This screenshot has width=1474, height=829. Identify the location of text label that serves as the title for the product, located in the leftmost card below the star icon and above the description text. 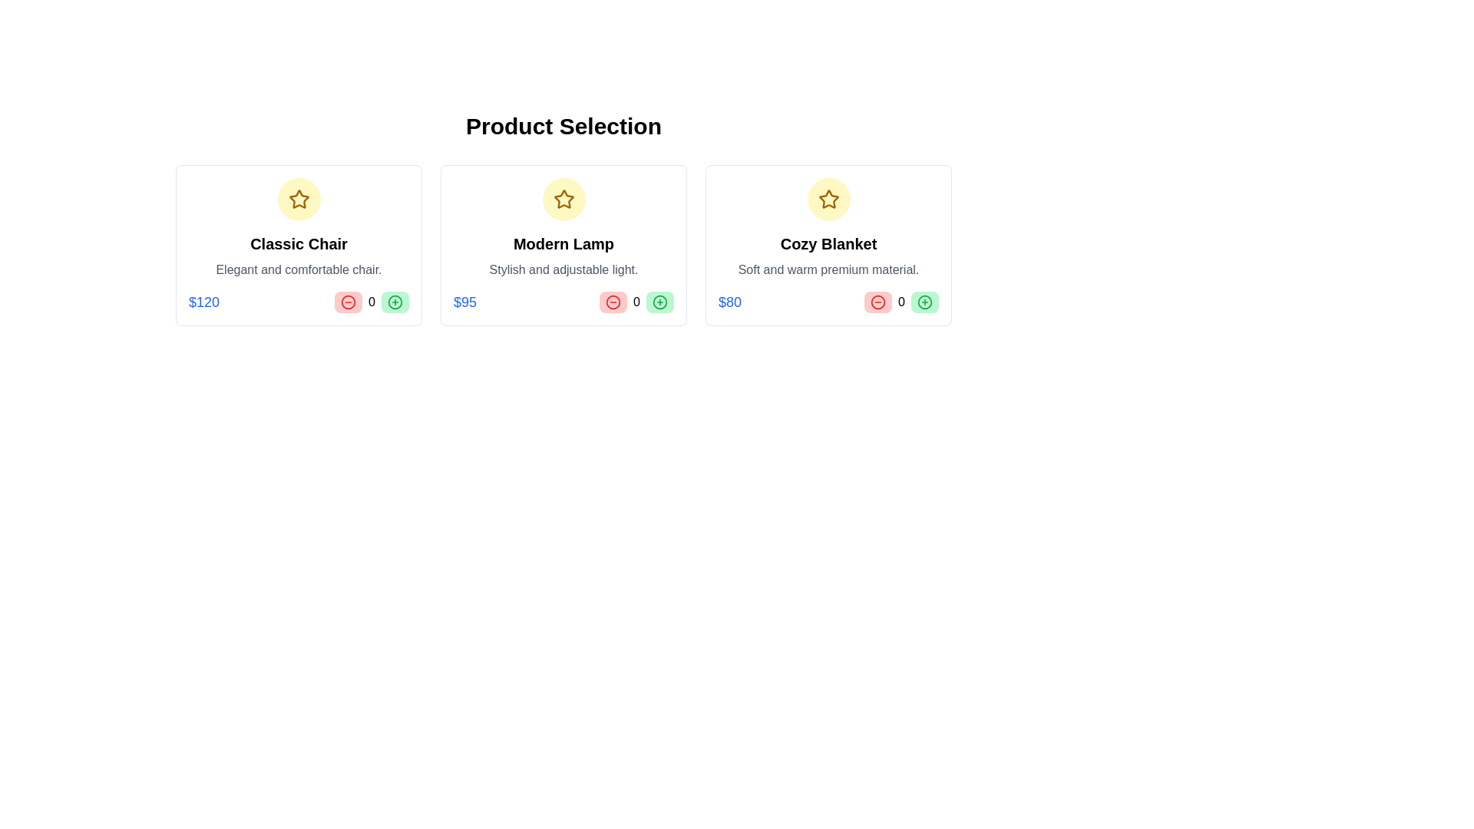
(299, 243).